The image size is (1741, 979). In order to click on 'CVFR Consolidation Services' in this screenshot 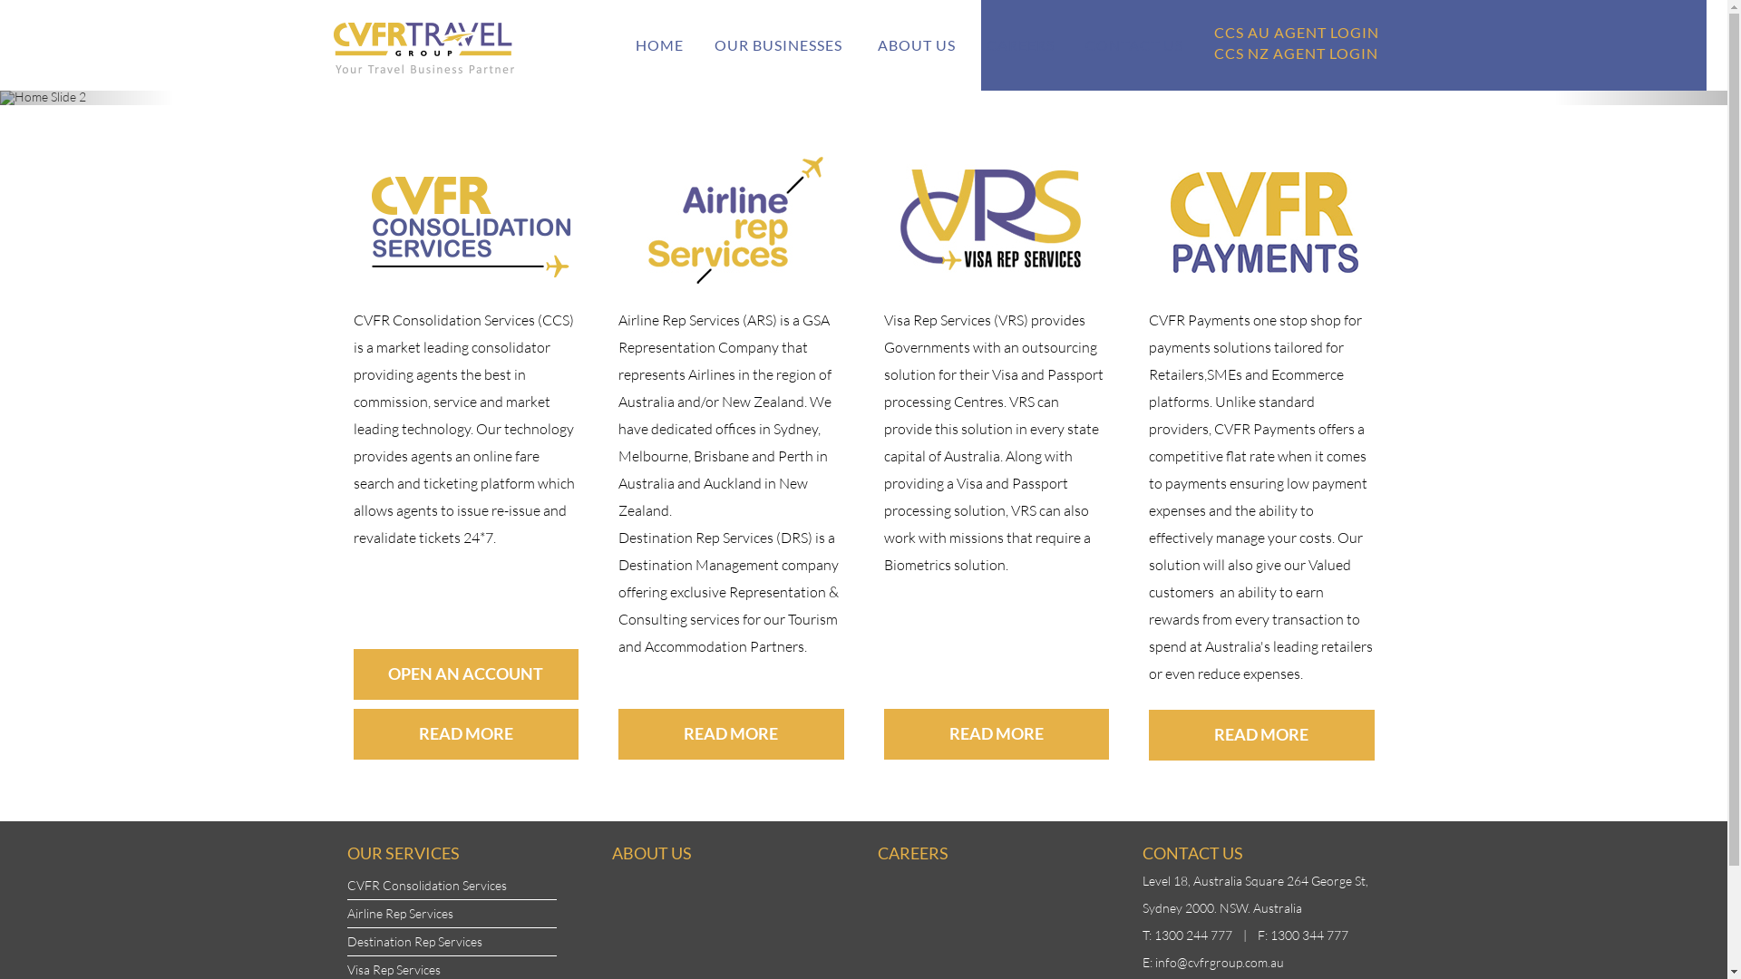, I will do `click(425, 884)`.